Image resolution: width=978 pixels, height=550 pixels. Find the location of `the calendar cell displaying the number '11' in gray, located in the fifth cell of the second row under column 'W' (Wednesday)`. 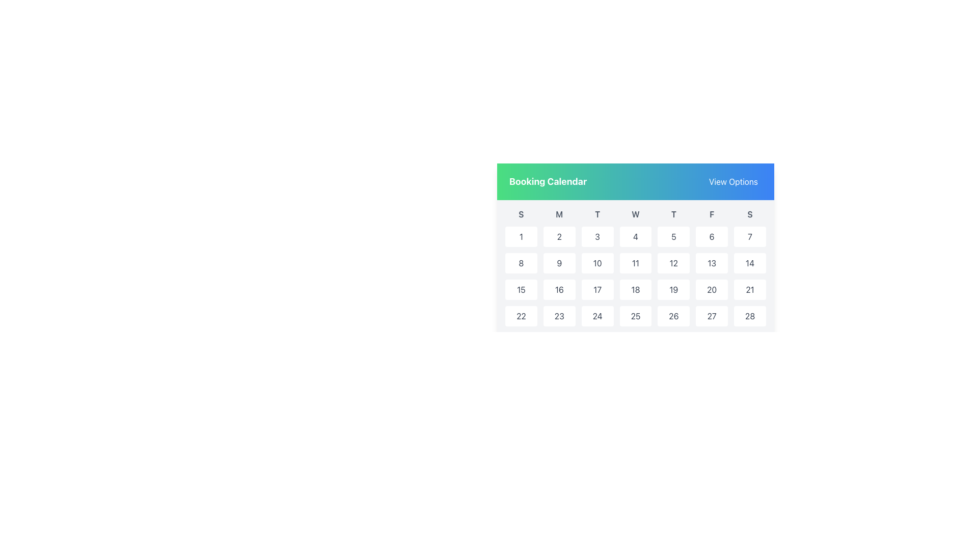

the calendar cell displaying the number '11' in gray, located in the fifth cell of the second row under column 'W' (Wednesday) is located at coordinates (635, 262).